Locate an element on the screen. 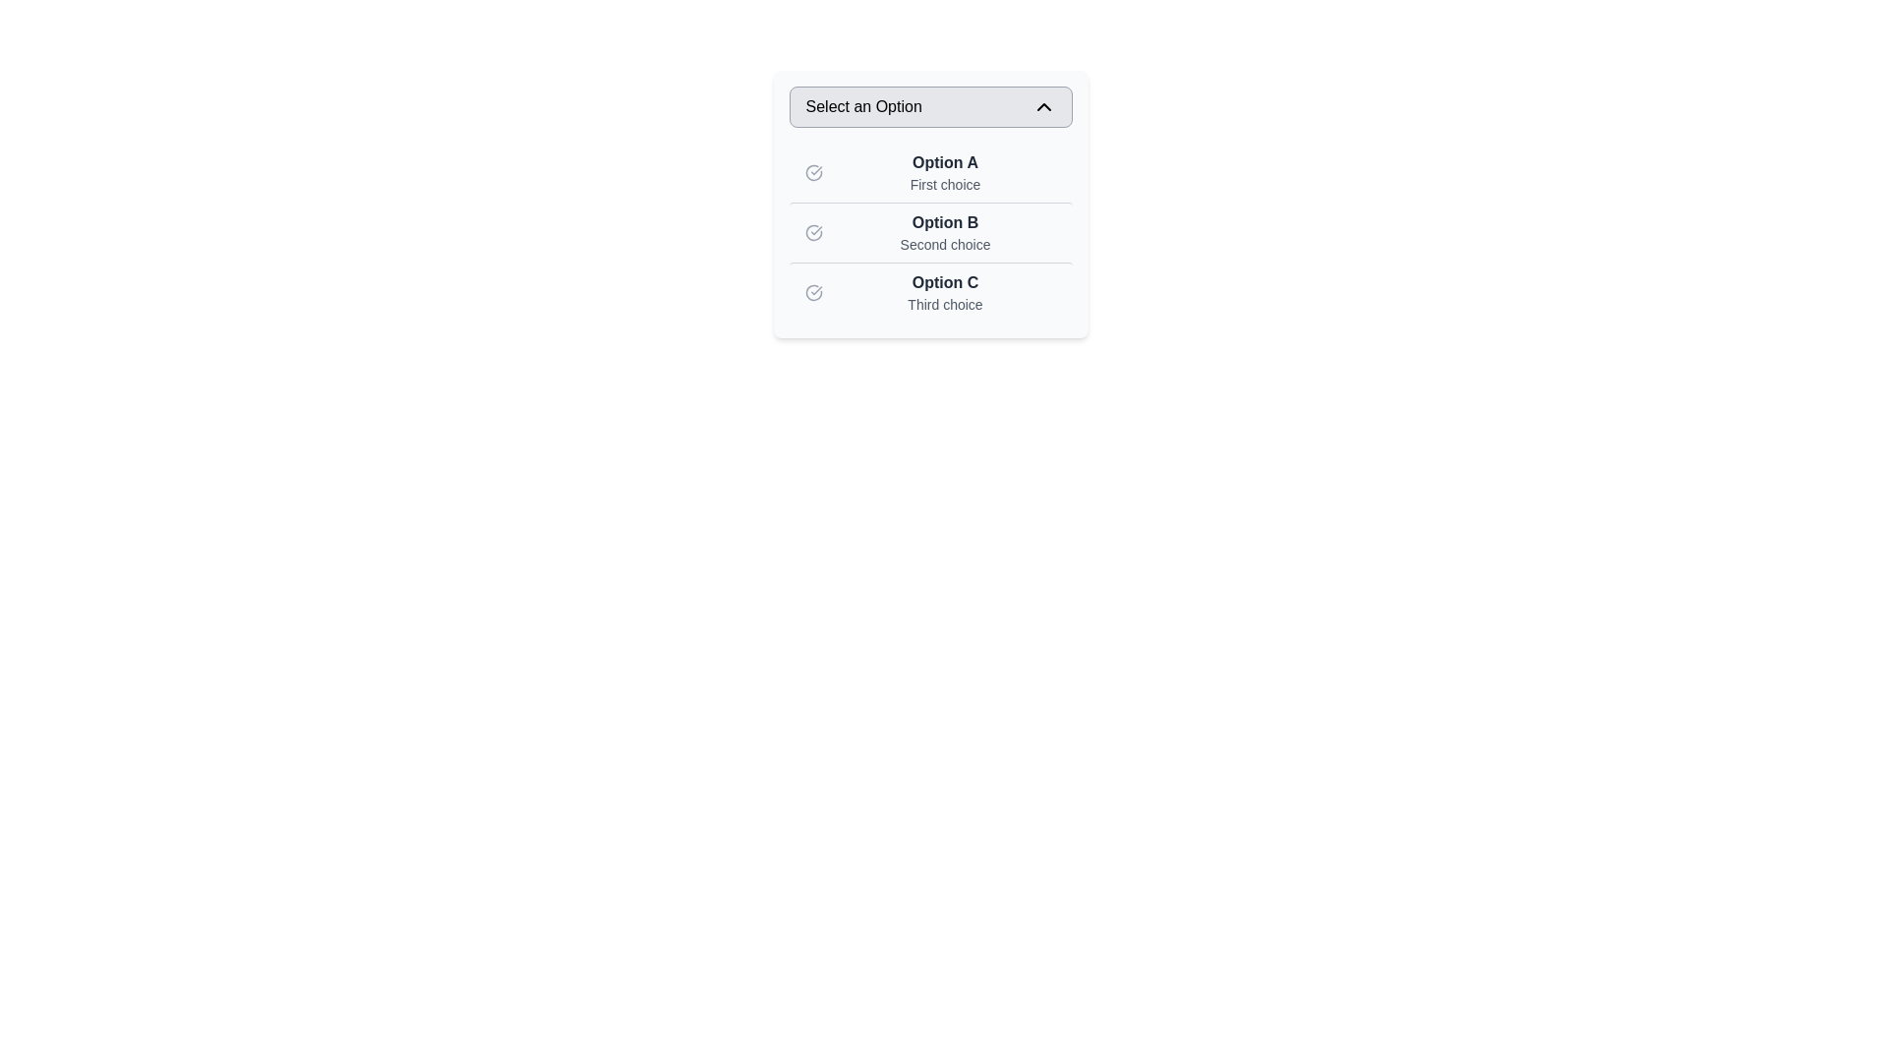  the circular checkmark icon indicating the selection status for 'Option C' in the dropdown menu is located at coordinates (813, 292).